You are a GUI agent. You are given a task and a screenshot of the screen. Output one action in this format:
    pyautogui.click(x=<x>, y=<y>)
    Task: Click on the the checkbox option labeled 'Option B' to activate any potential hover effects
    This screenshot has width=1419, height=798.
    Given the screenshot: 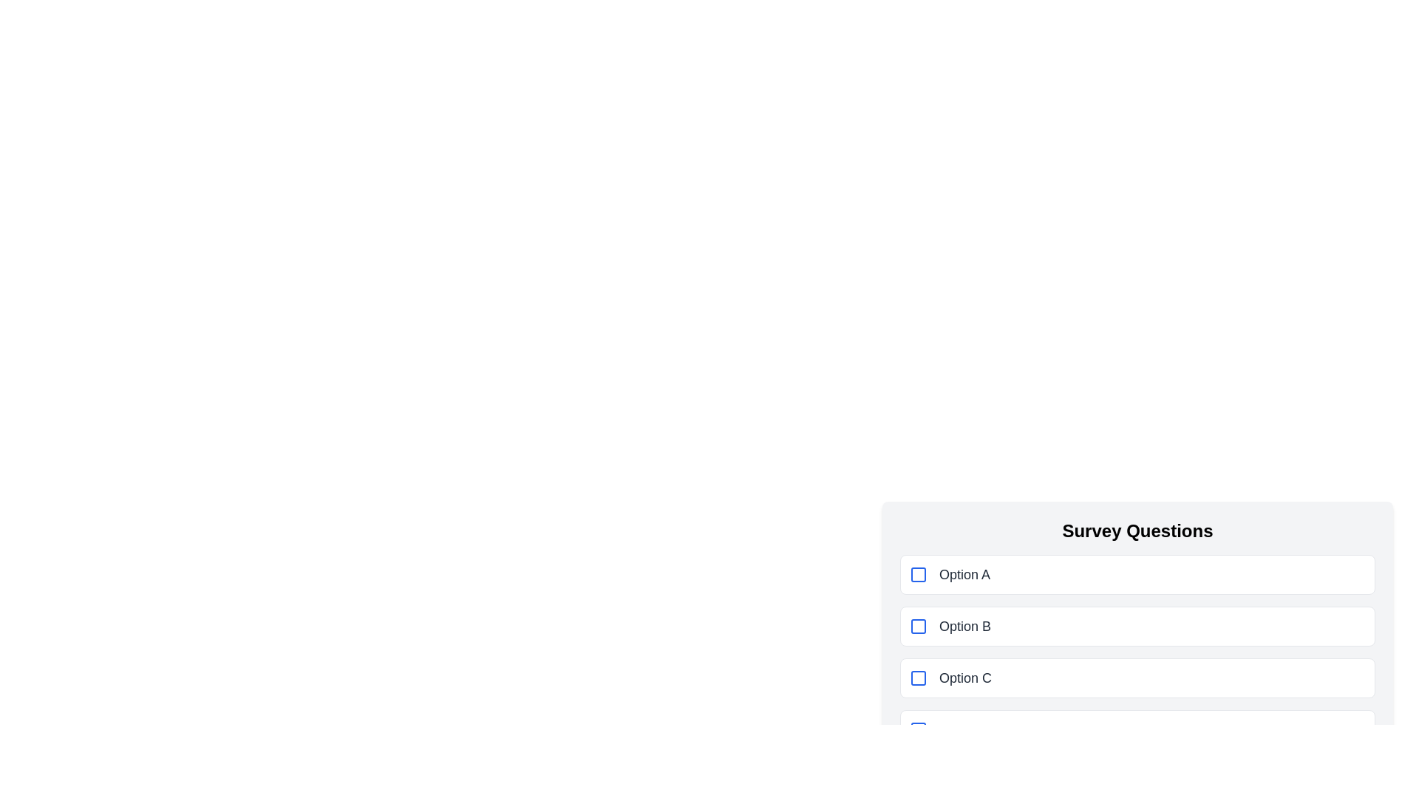 What is the action you would take?
    pyautogui.click(x=1137, y=652)
    